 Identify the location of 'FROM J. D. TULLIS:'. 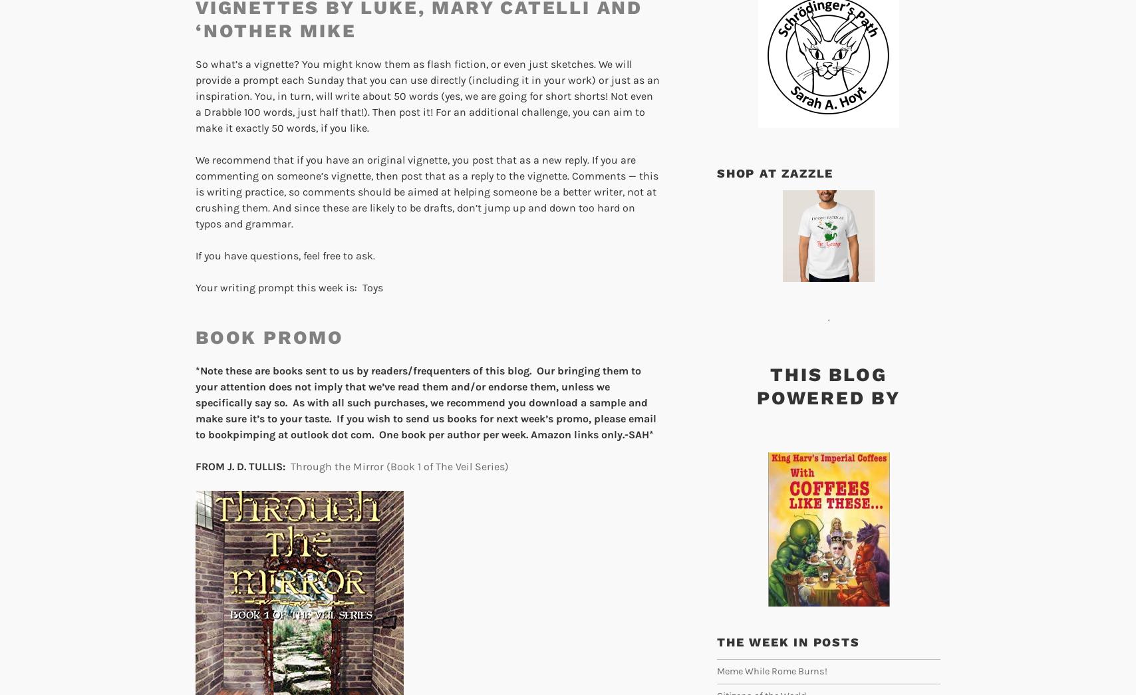
(240, 466).